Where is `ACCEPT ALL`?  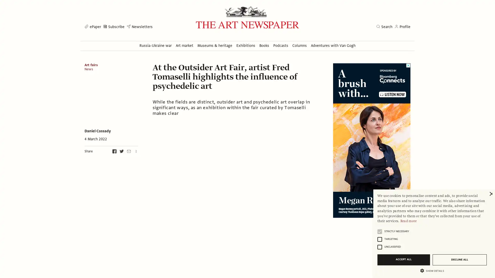
ACCEPT ALL is located at coordinates (403, 259).